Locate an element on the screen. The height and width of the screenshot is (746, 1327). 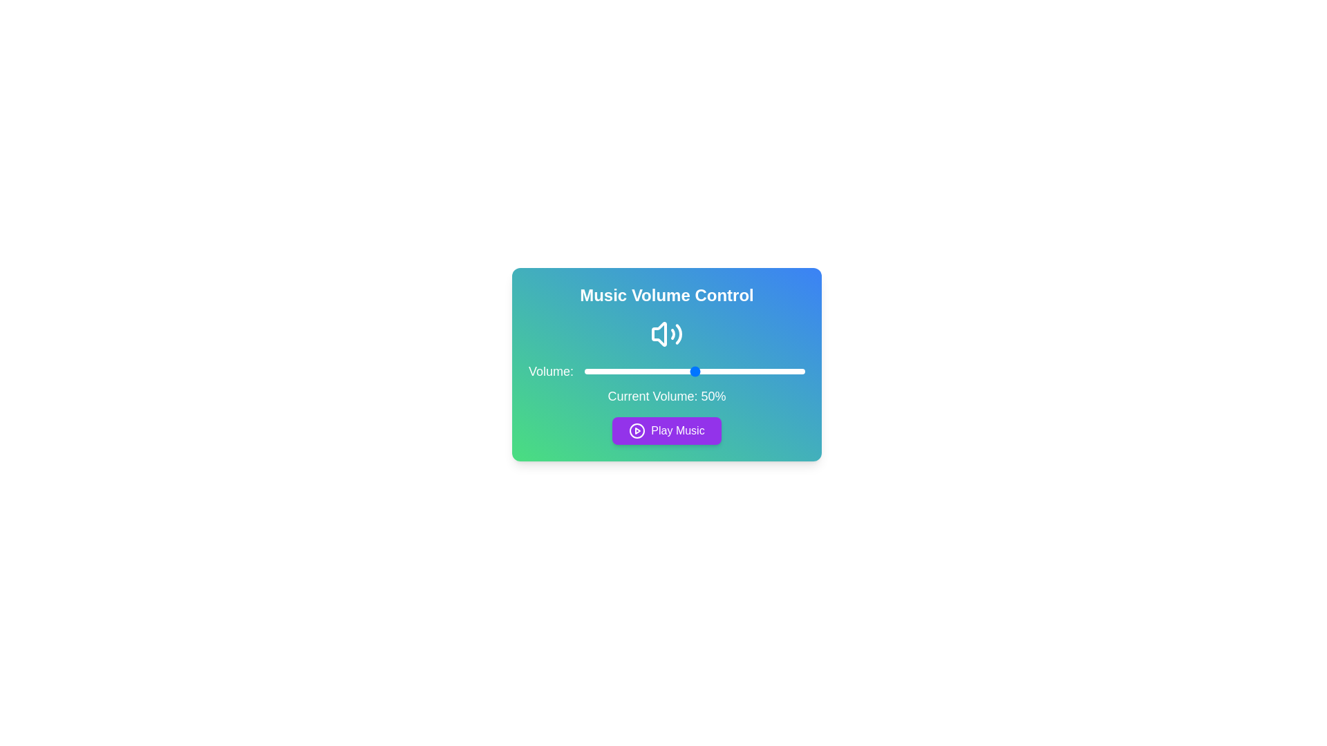
the volume slider to set the volume to 77% is located at coordinates (753, 370).